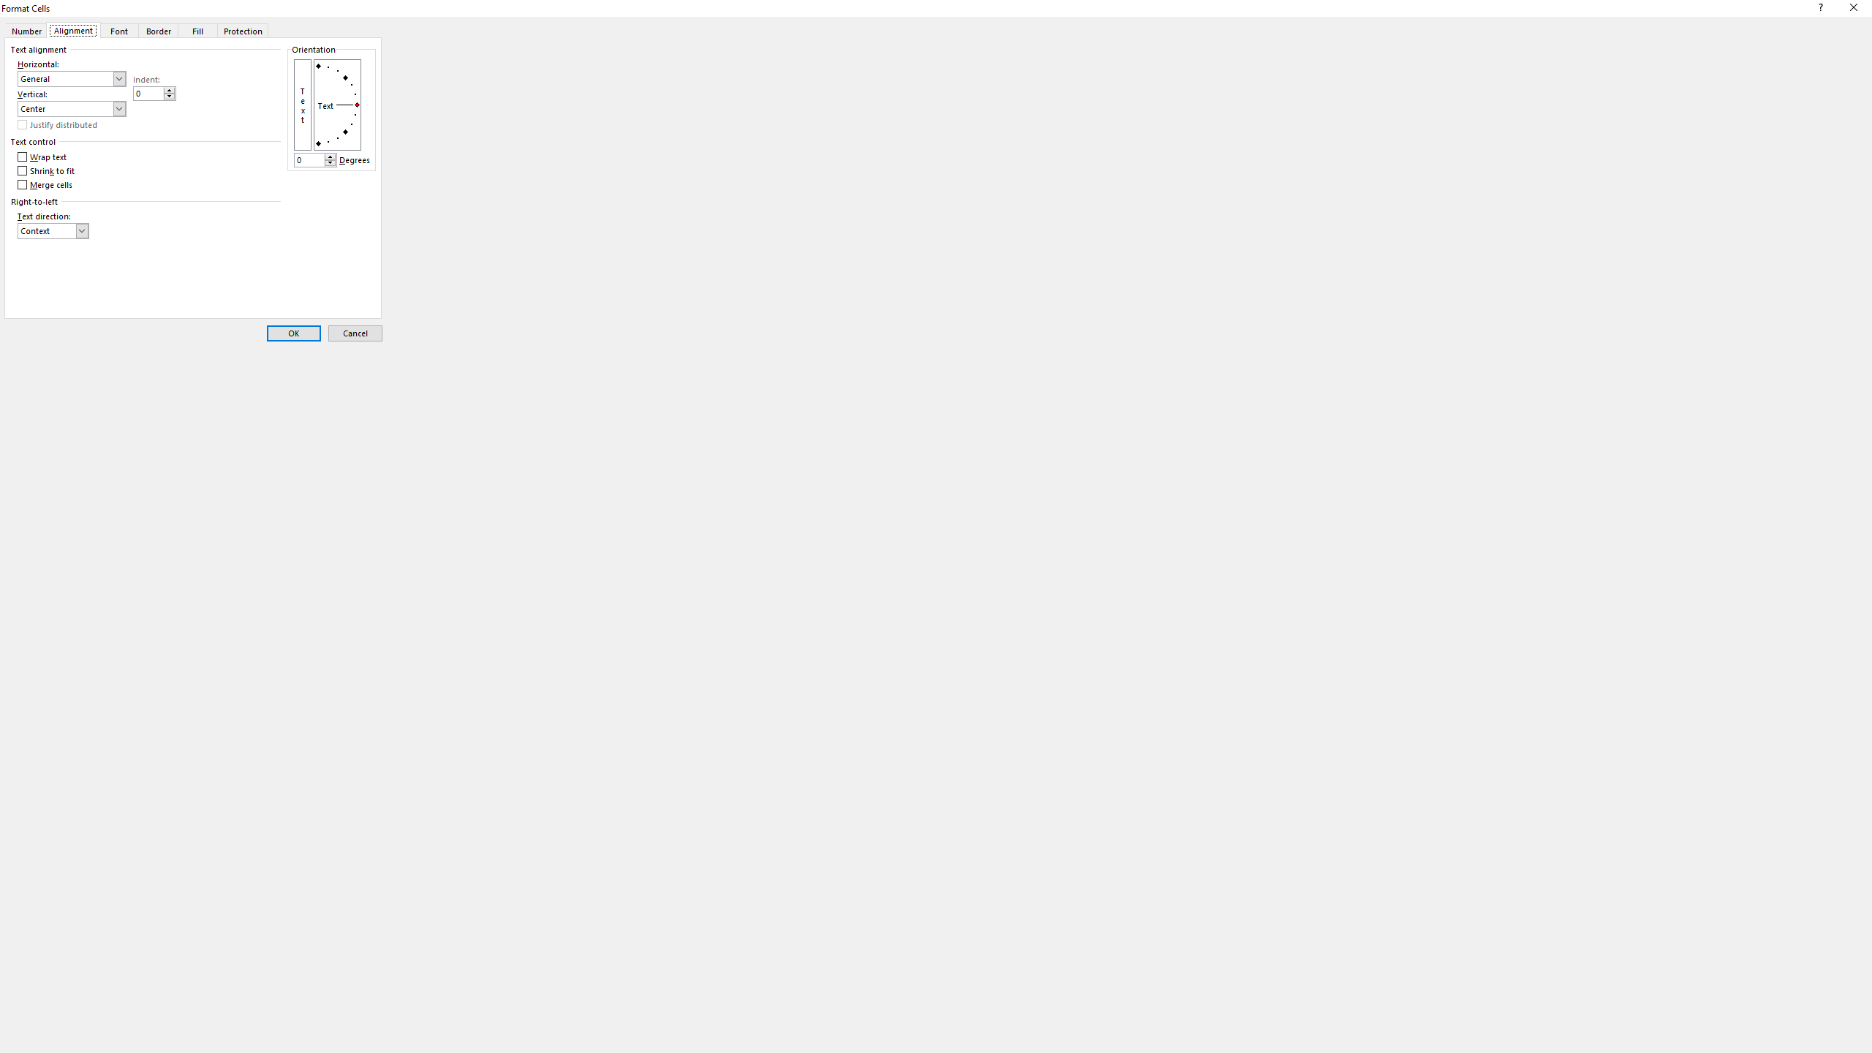 The width and height of the screenshot is (1872, 1053). Describe the element at coordinates (158, 30) in the screenshot. I see `'Border'` at that location.